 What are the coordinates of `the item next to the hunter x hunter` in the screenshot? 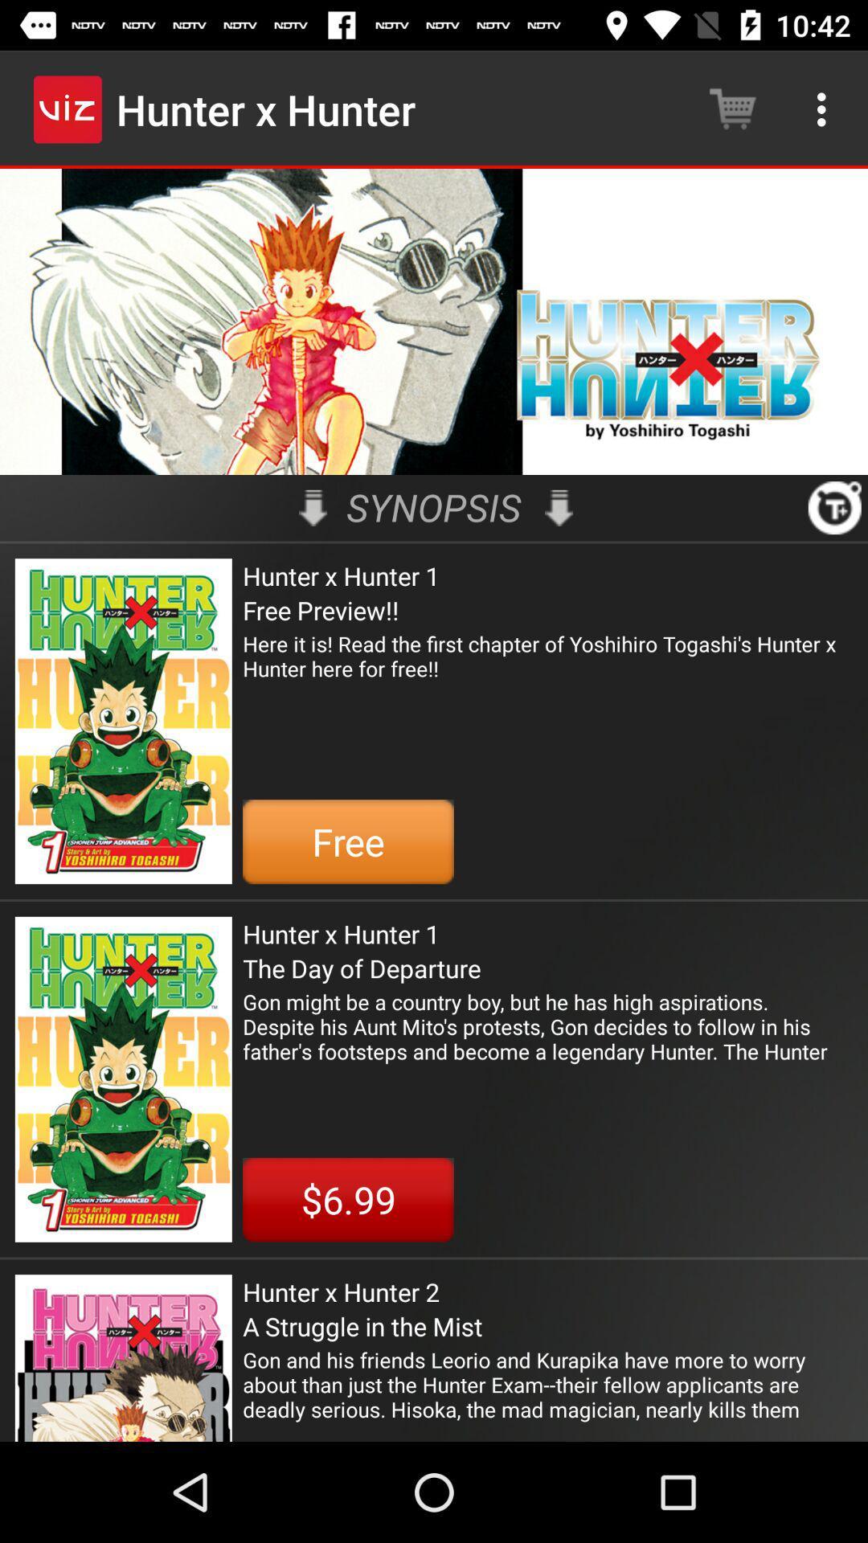 It's located at (732, 108).